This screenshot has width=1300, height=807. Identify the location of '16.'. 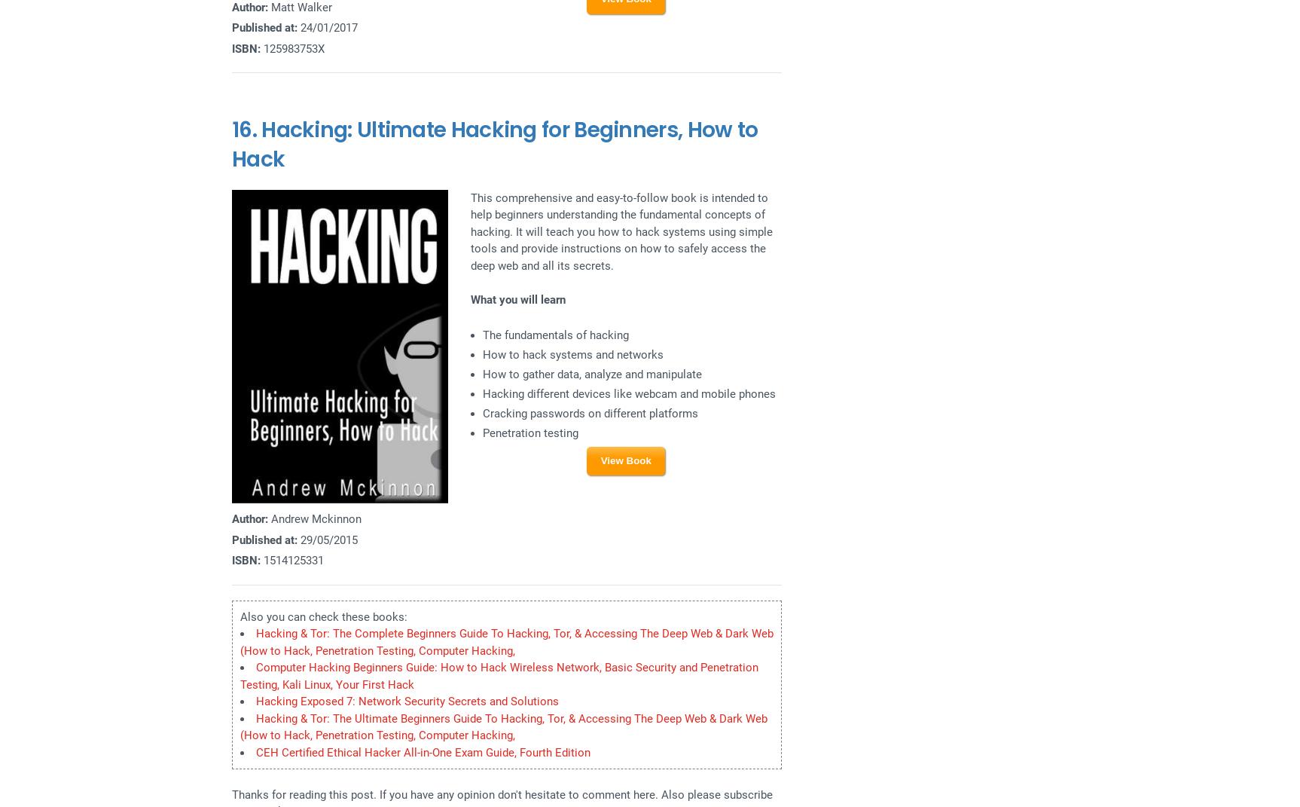
(230, 129).